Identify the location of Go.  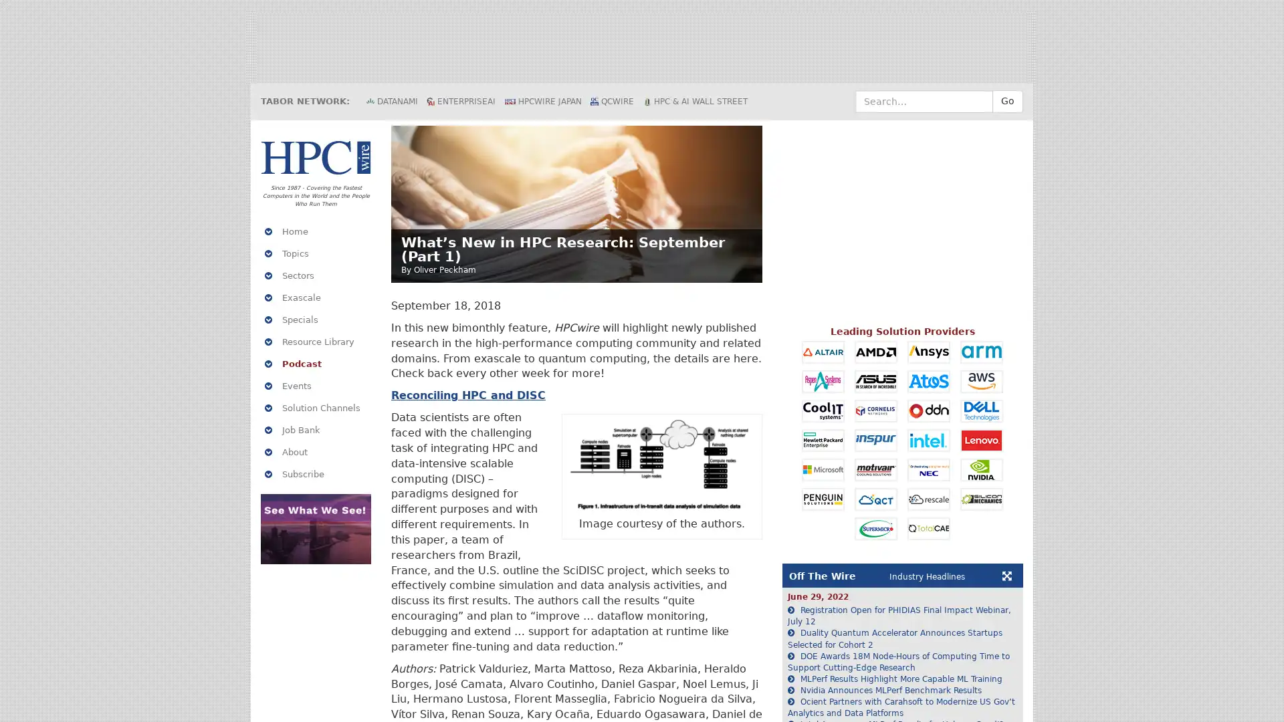
(1008, 100).